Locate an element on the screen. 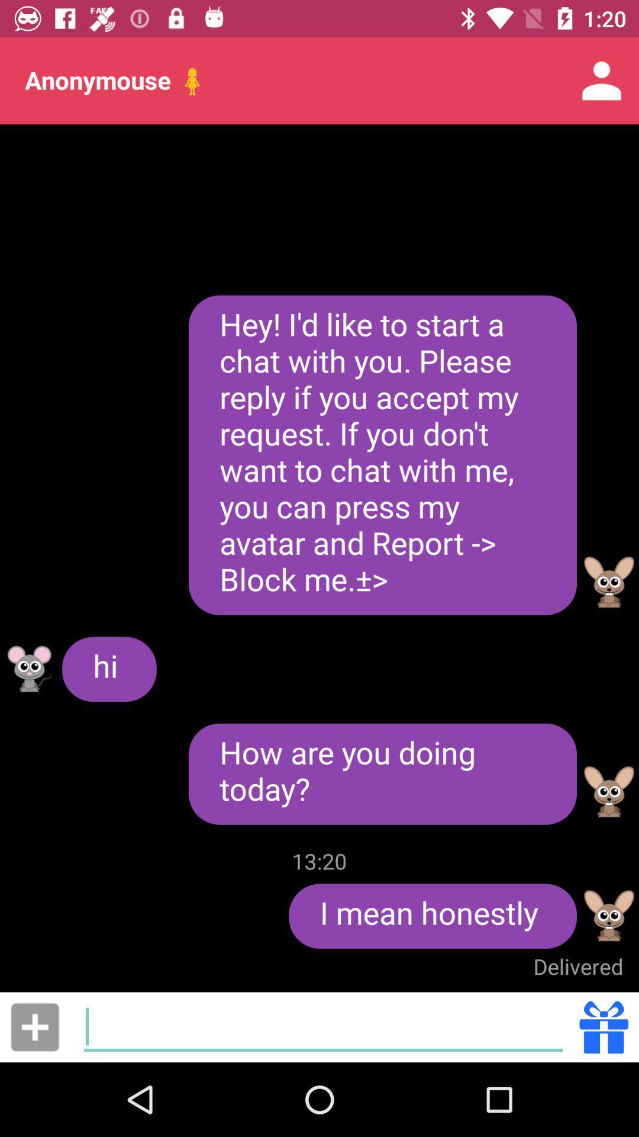 Image resolution: width=639 pixels, height=1137 pixels. send gift is located at coordinates (603, 1026).